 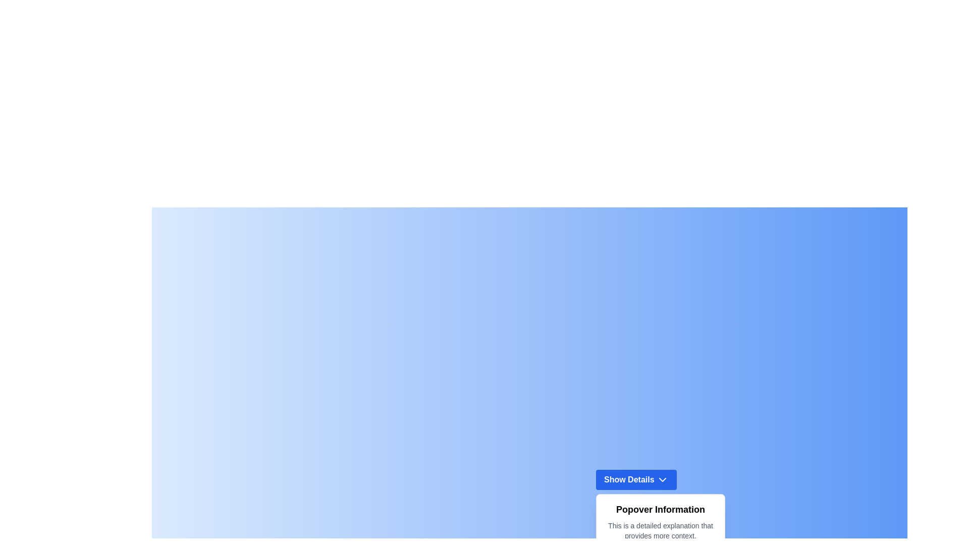 I want to click on the block of gray text that contains the statement 'This is a detailed explanation that provides more context.' It is located in the center of a popover window, positioned below the heading 'Popover Information.', so click(x=661, y=530).